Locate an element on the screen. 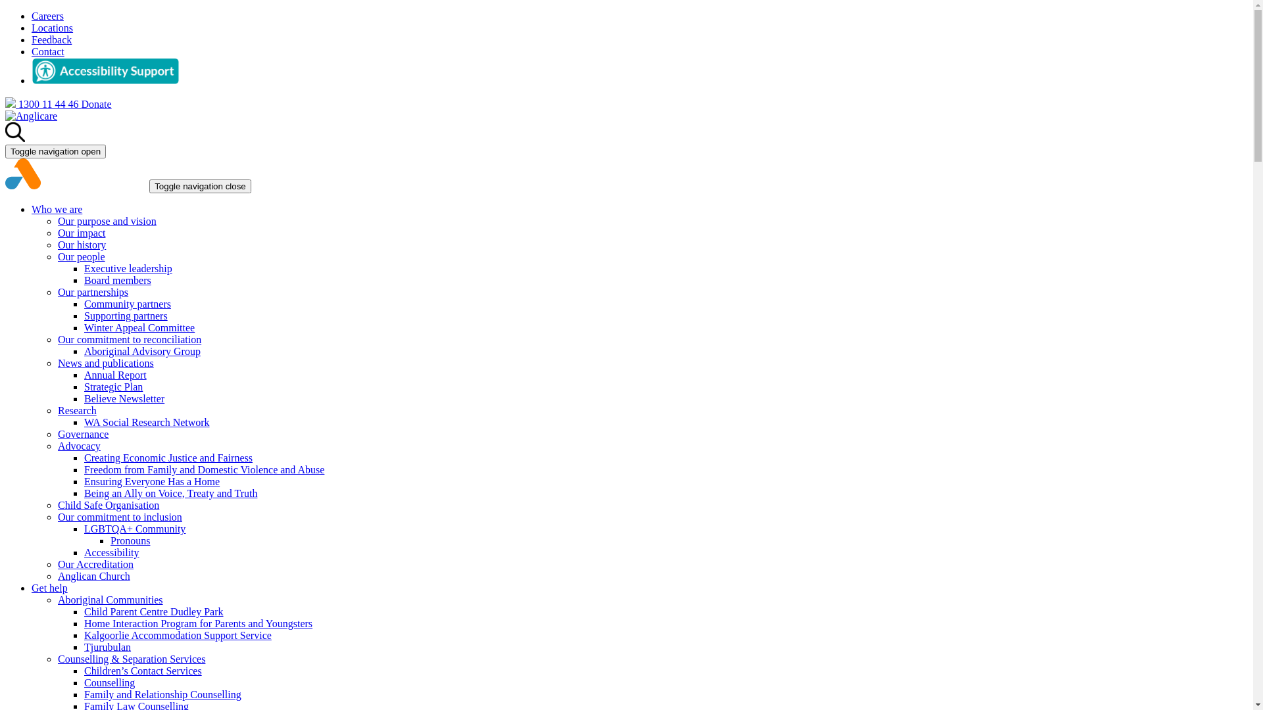  'Counselling & Separation Services' is located at coordinates (132, 659).